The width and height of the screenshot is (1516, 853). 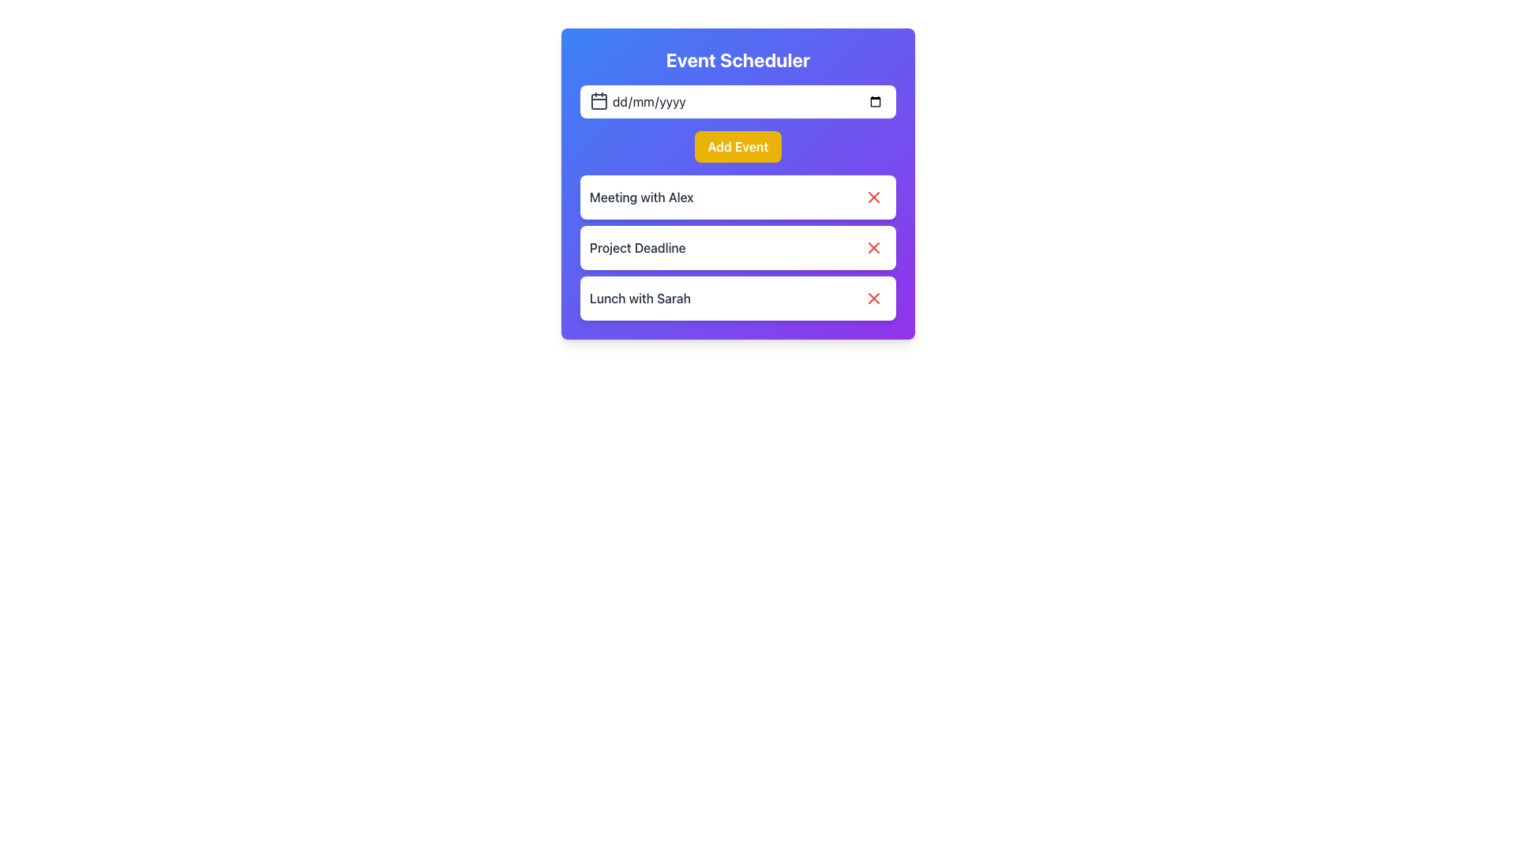 What do you see at coordinates (873, 247) in the screenshot?
I see `the small red circular button with a white 'X' symbol, located in the second row of the list next to 'Project Deadline', for visual feedback` at bounding box center [873, 247].